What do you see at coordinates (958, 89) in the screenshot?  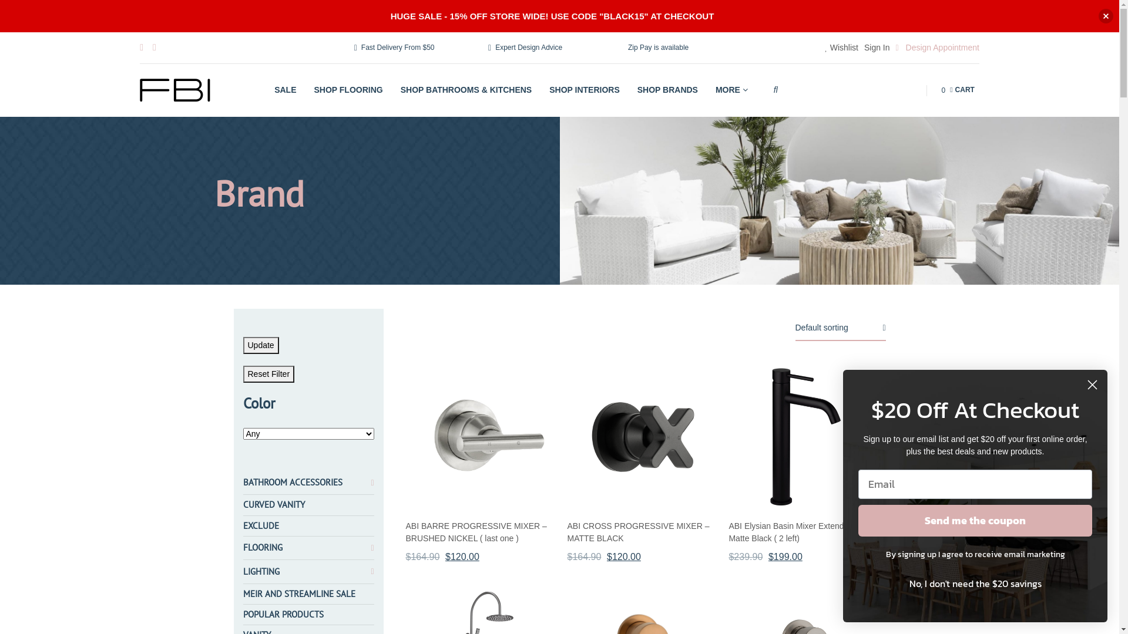 I see `'0` at bounding box center [958, 89].